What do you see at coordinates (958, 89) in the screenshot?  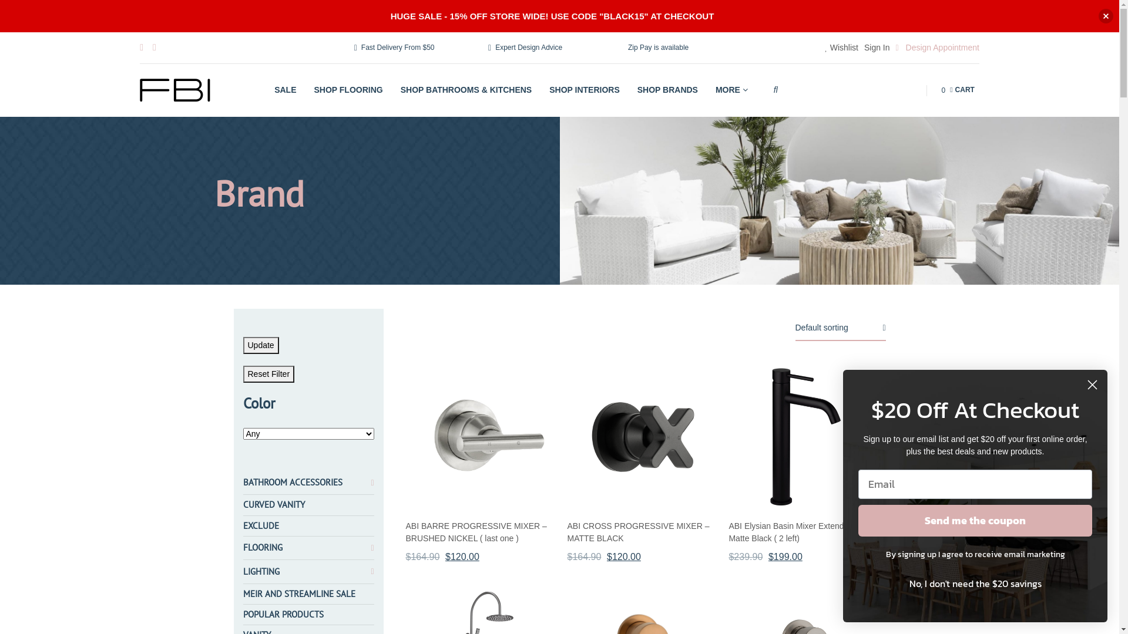 I see `'0` at bounding box center [958, 89].